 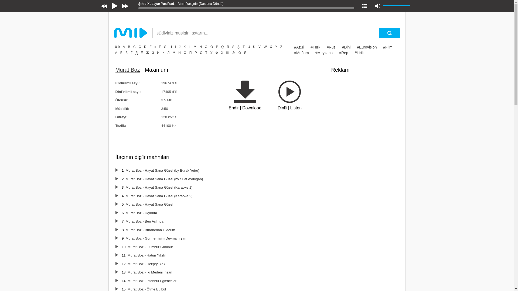 I want to click on 'I', so click(x=175, y=46).